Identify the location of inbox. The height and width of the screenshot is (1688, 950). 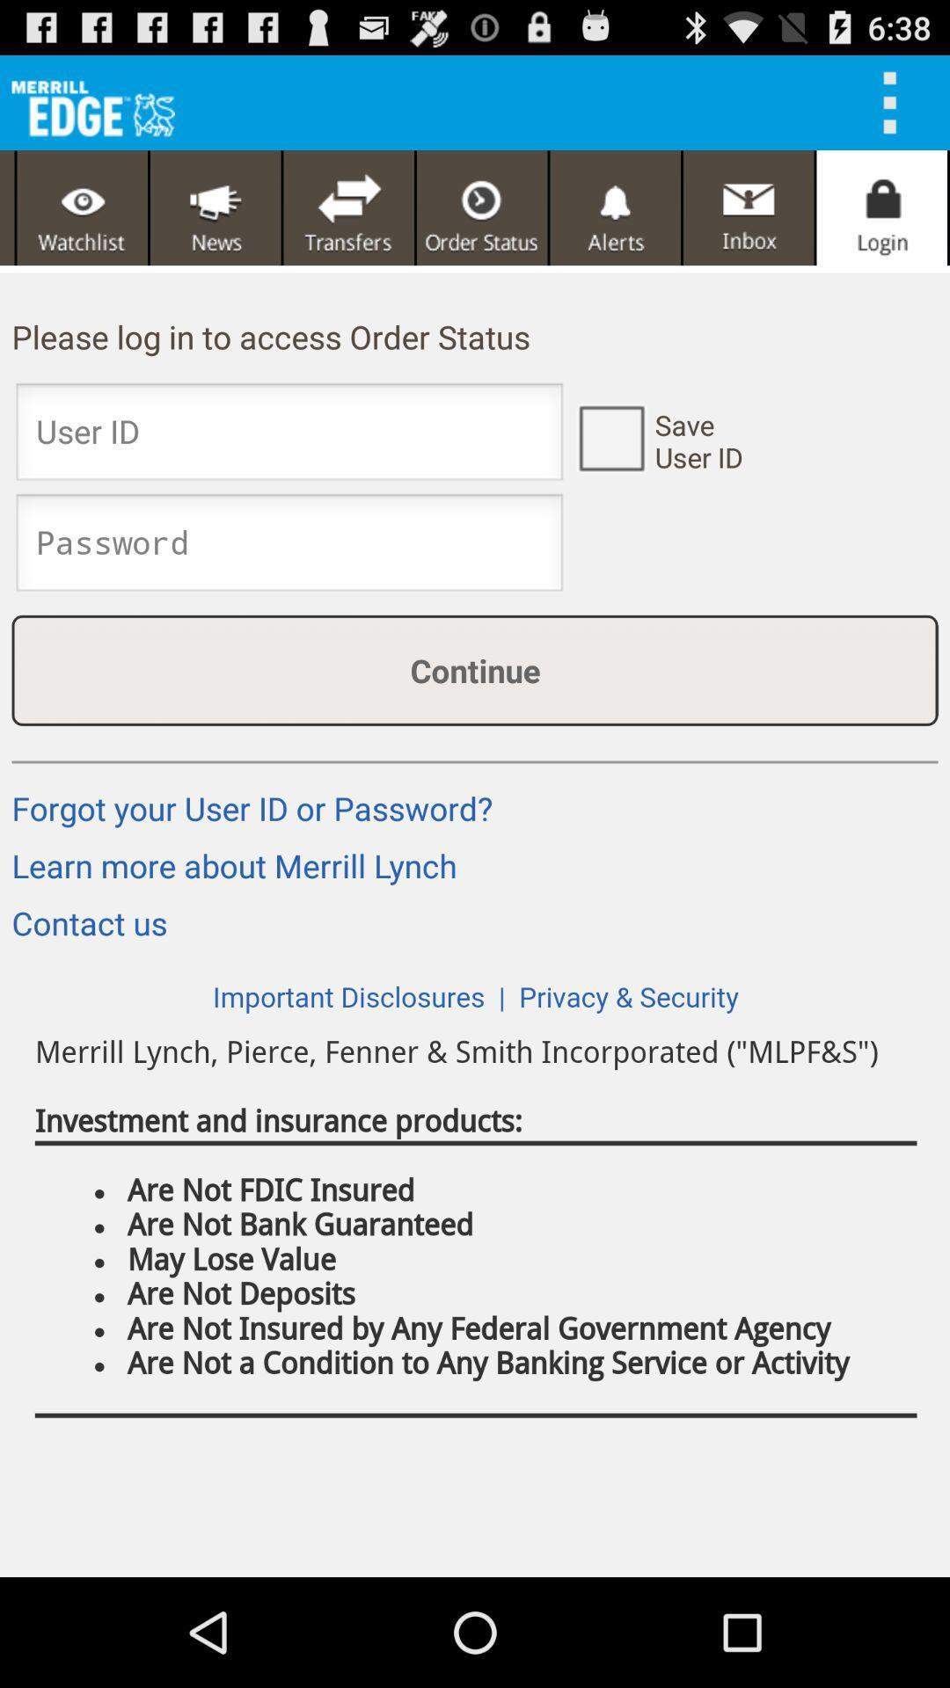
(749, 207).